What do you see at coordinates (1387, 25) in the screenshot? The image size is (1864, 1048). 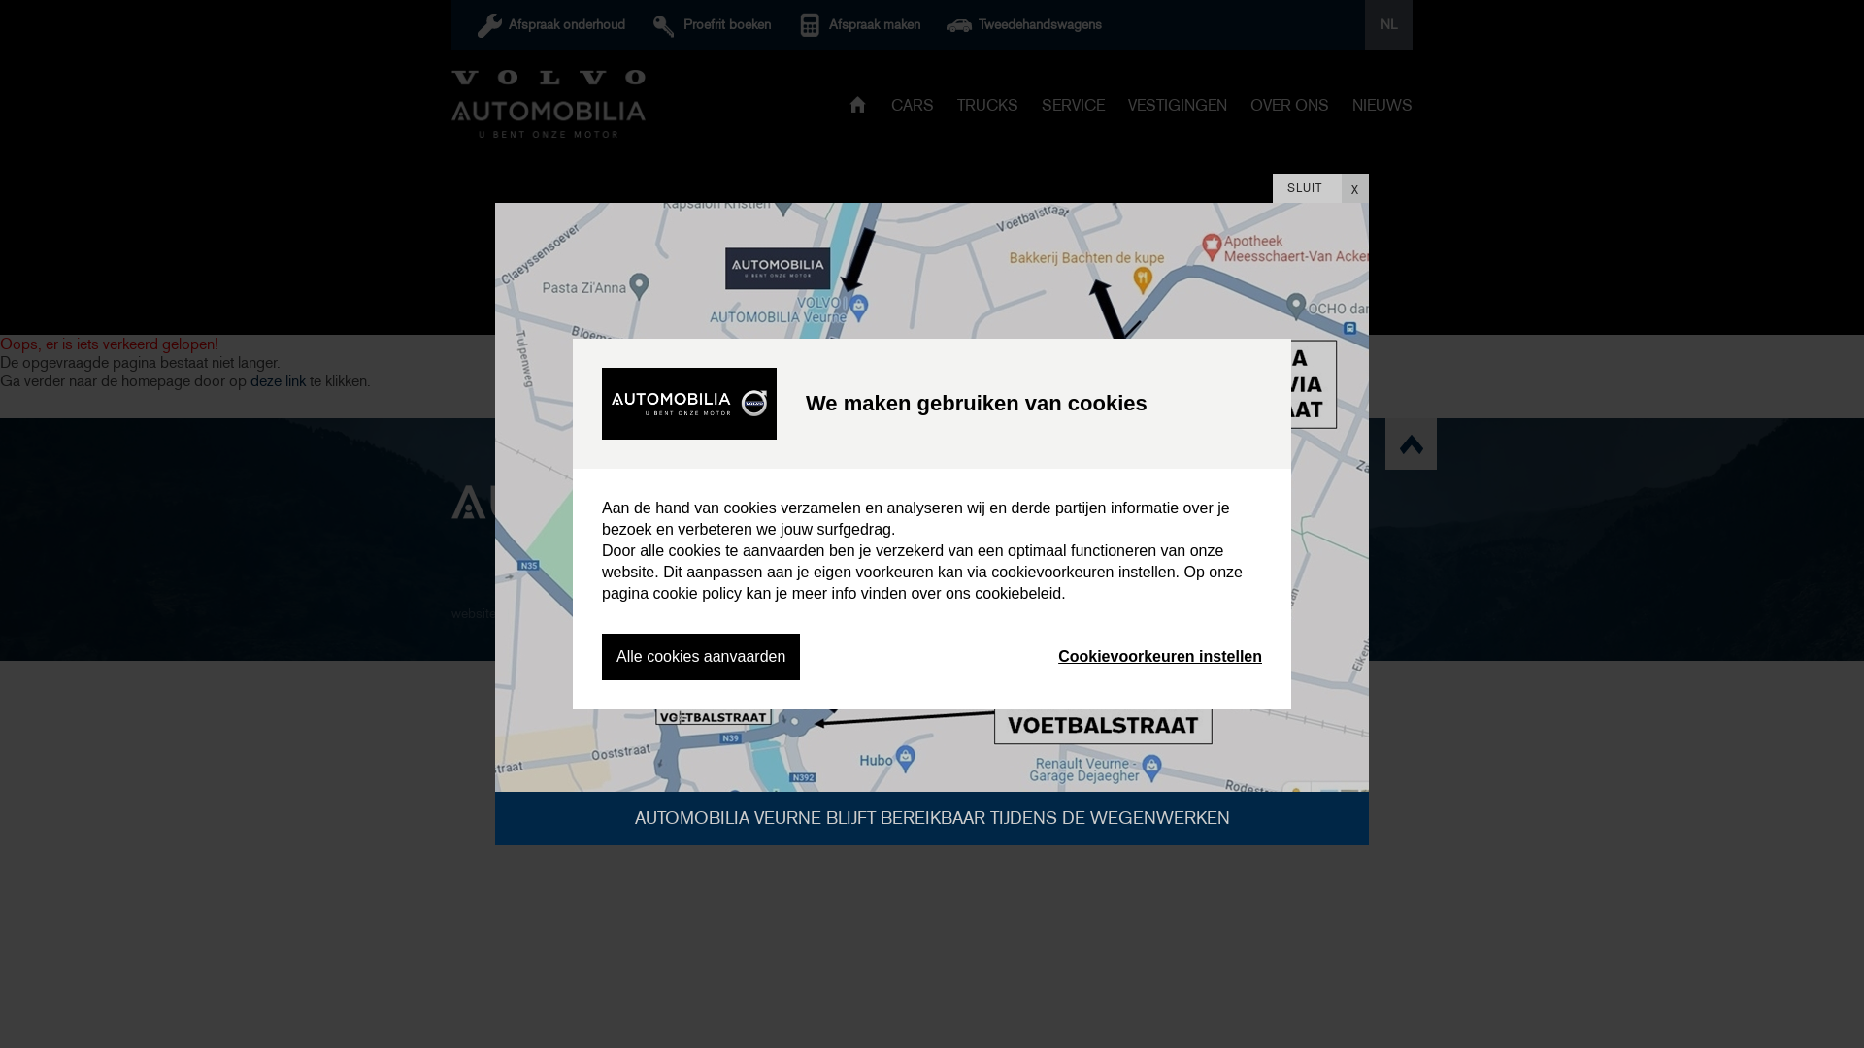 I see `'NL'` at bounding box center [1387, 25].